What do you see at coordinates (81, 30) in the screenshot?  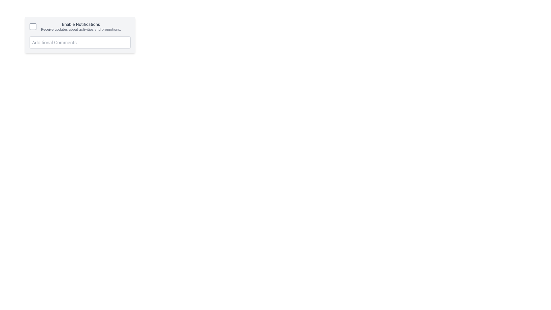 I see `text label that says 'Receive updates about activities and promotions.' located beneath the 'Enable Notifications' heading` at bounding box center [81, 30].